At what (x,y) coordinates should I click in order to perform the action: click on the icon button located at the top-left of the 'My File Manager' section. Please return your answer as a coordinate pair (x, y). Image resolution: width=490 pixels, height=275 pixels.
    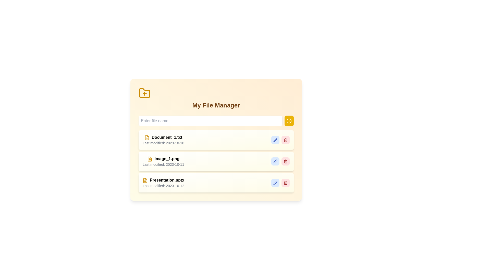
    Looking at the image, I should click on (144, 93).